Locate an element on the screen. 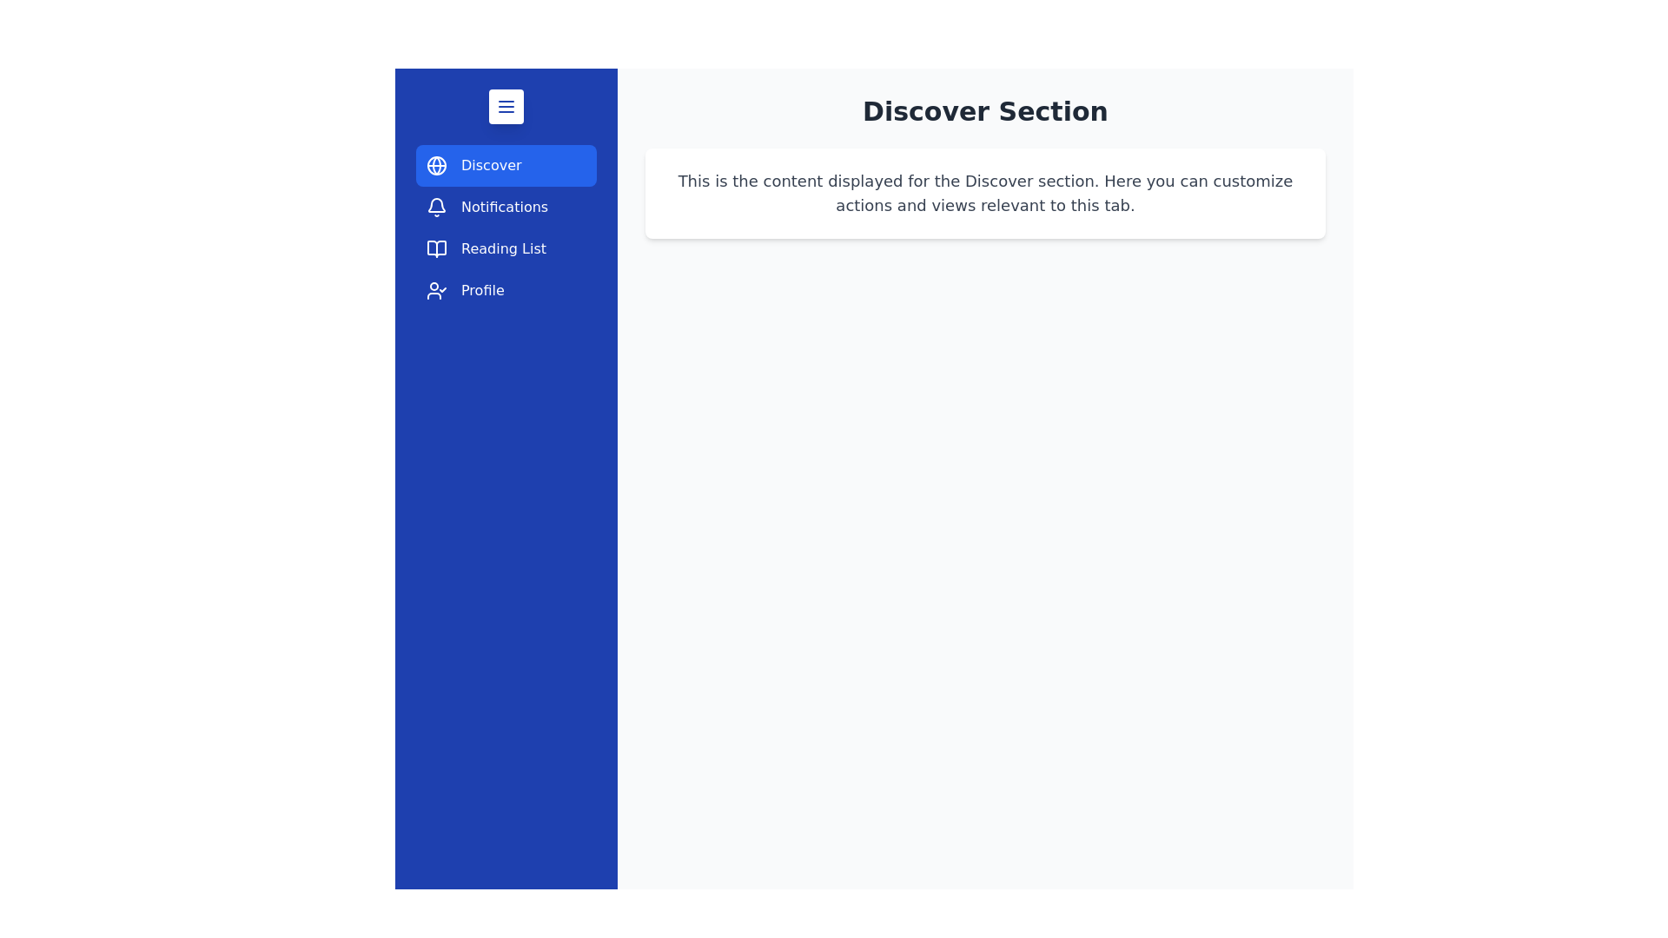 This screenshot has height=938, width=1668. the tab labeled Profile to navigate to its section is located at coordinates (505, 290).